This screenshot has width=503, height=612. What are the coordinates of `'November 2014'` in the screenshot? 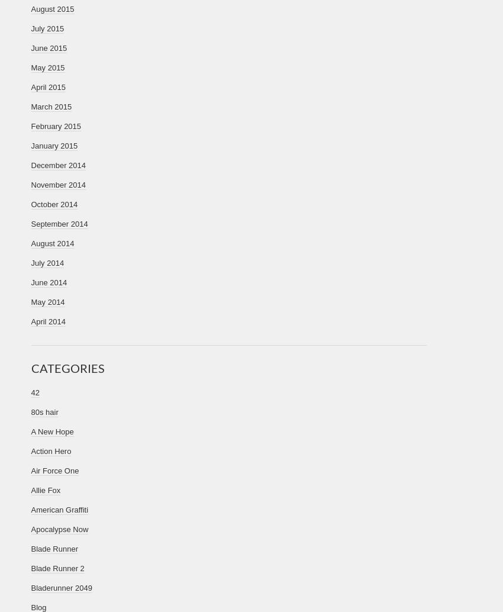 It's located at (57, 184).